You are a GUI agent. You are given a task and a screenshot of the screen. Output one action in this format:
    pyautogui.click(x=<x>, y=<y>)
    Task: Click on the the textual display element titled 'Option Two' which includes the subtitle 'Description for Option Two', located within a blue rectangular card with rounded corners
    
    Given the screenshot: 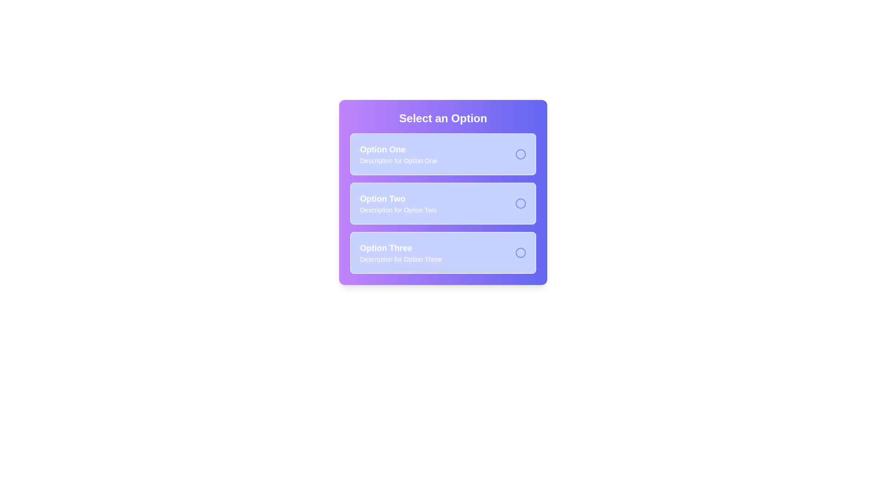 What is the action you would take?
    pyautogui.click(x=398, y=203)
    